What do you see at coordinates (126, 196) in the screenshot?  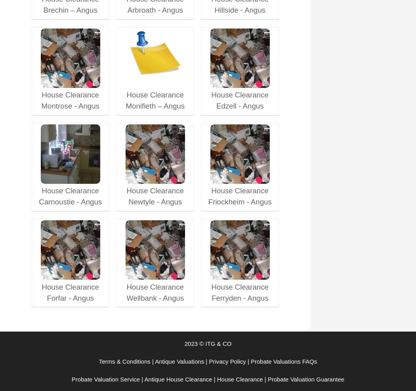 I see `'House Clearance Newtyle - Angus'` at bounding box center [126, 196].